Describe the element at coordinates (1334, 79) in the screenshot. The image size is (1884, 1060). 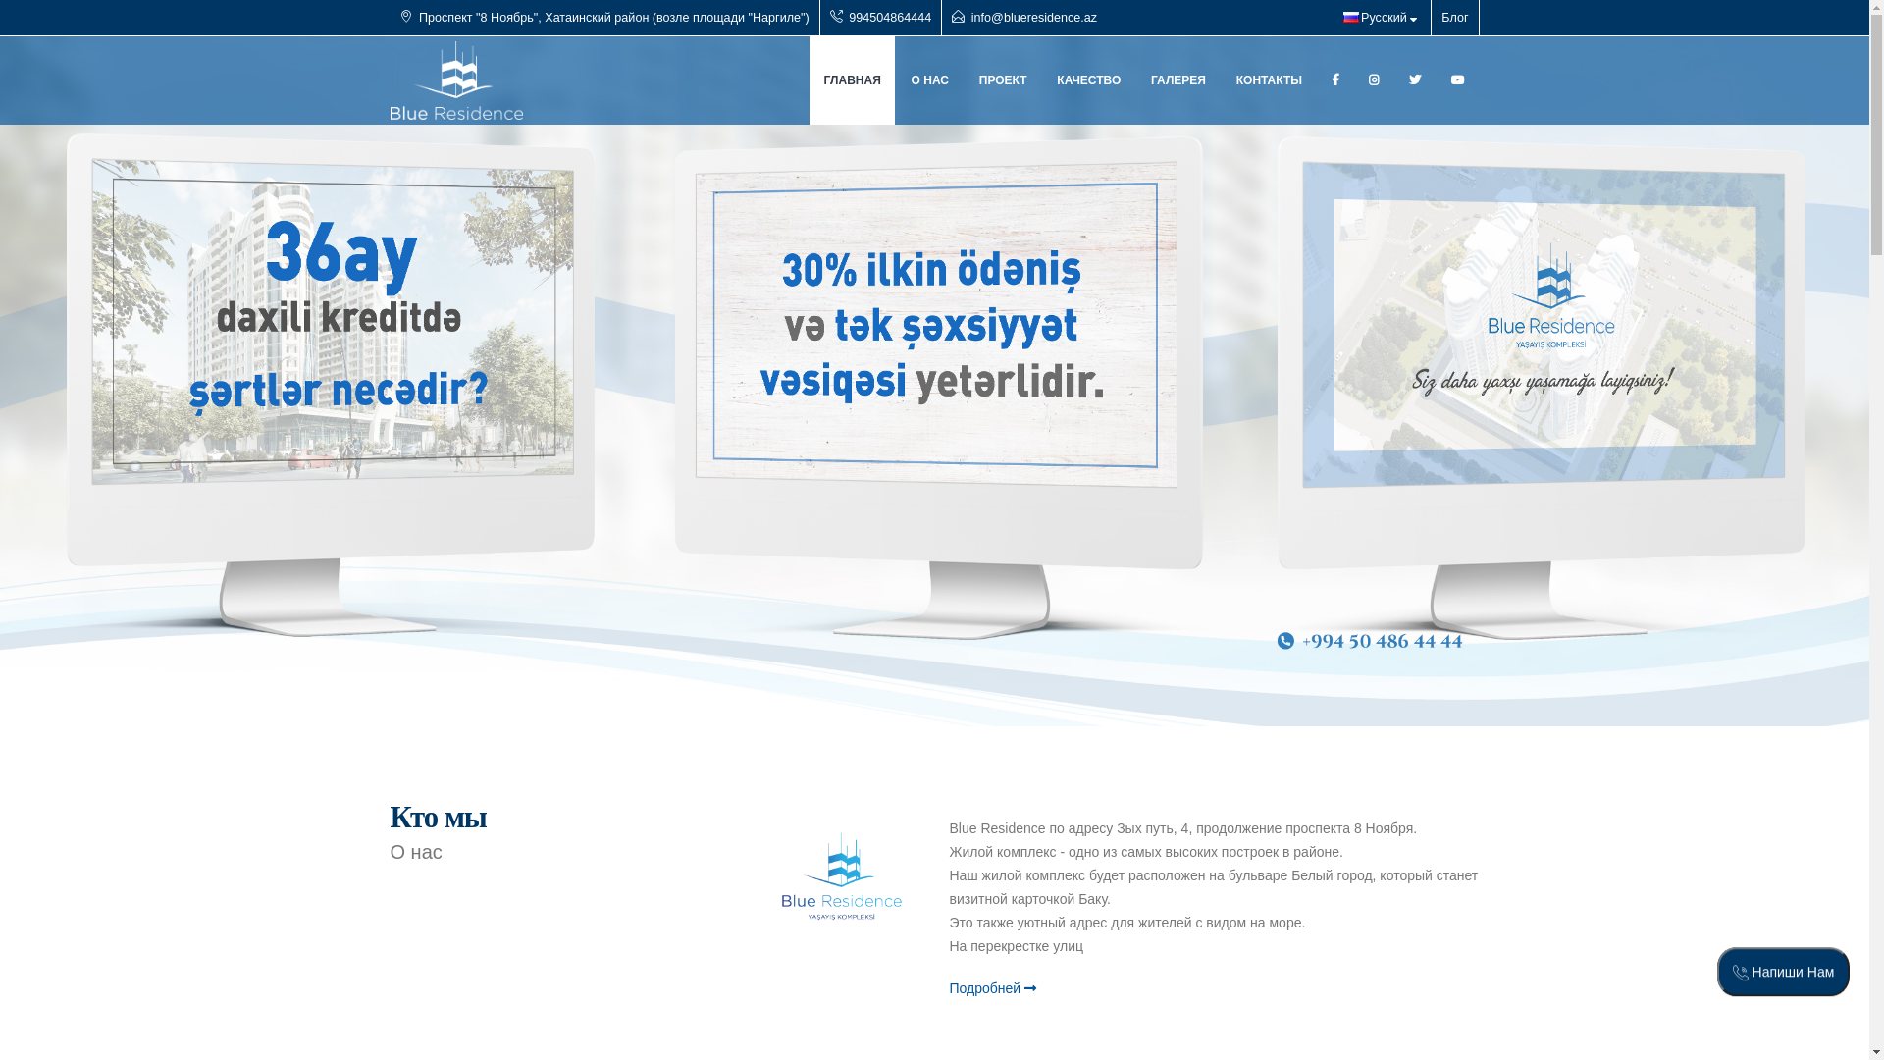
I see `'Facebook'` at that location.